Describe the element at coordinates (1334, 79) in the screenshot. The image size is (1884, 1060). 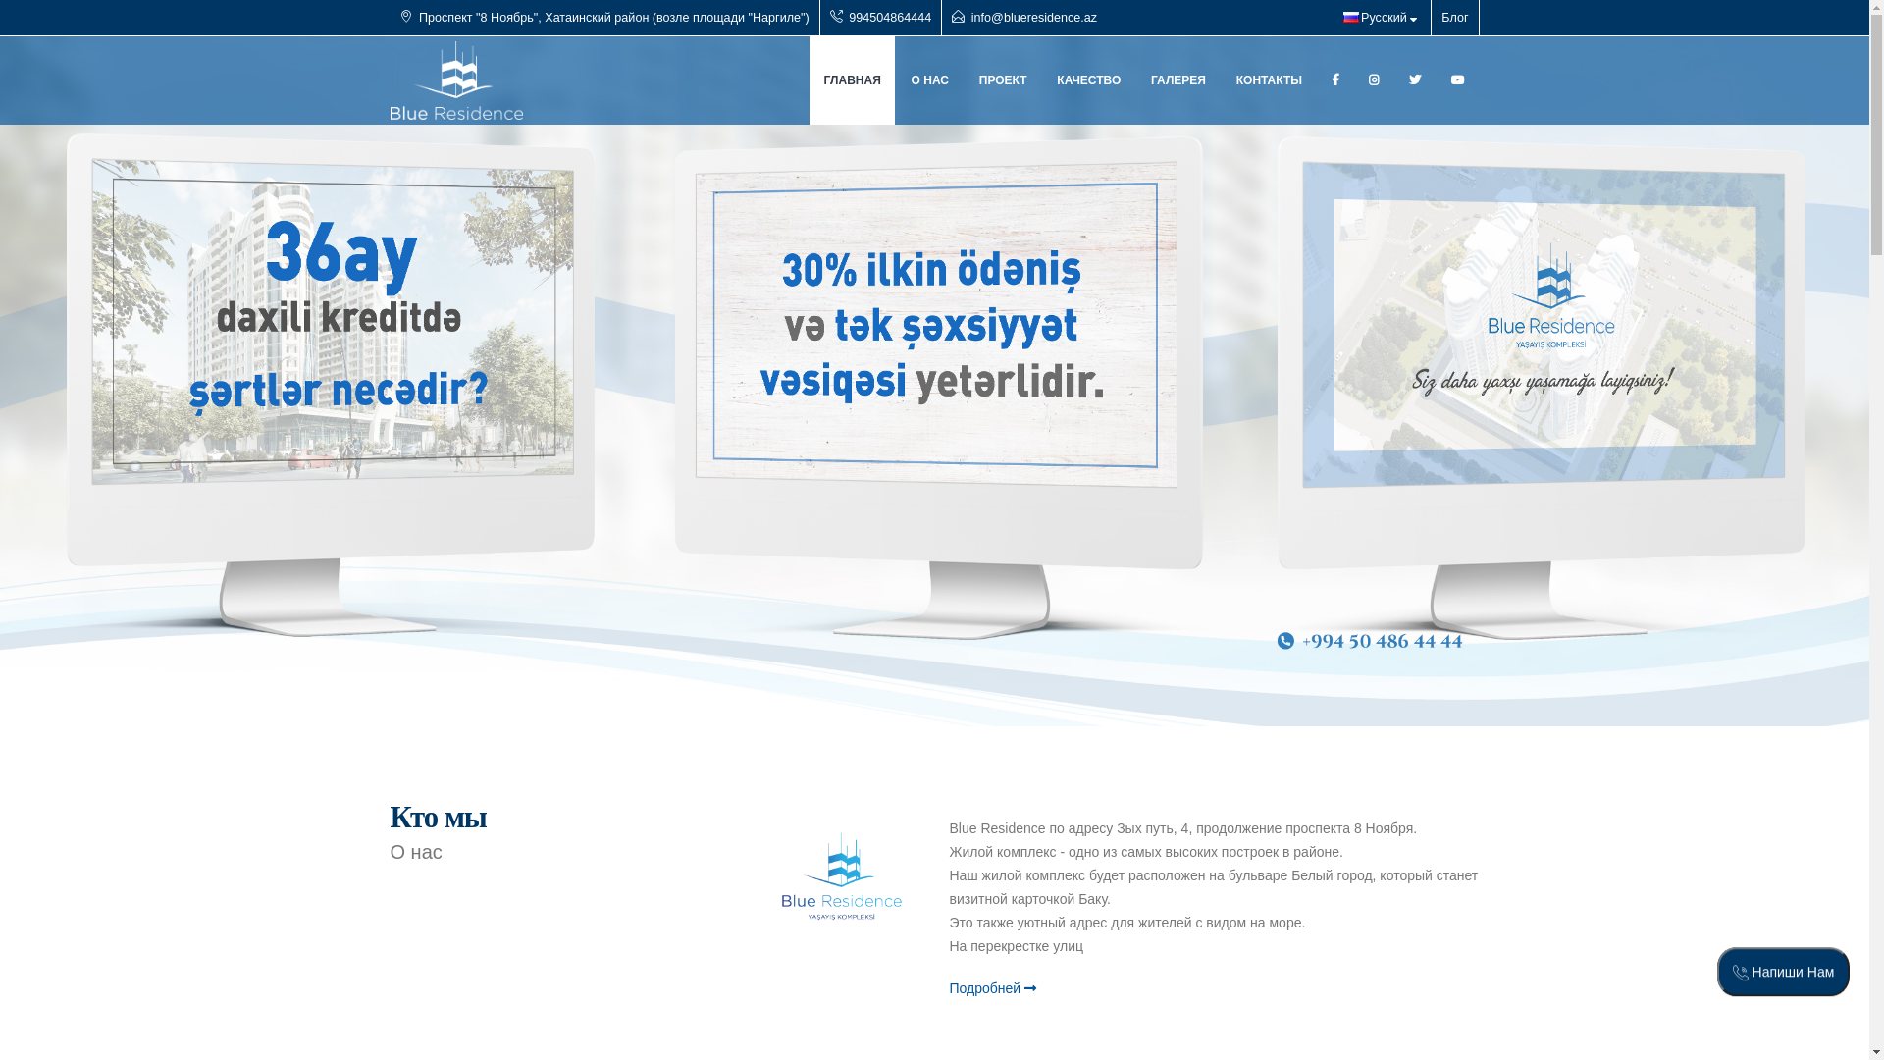
I see `'Facebook'` at that location.